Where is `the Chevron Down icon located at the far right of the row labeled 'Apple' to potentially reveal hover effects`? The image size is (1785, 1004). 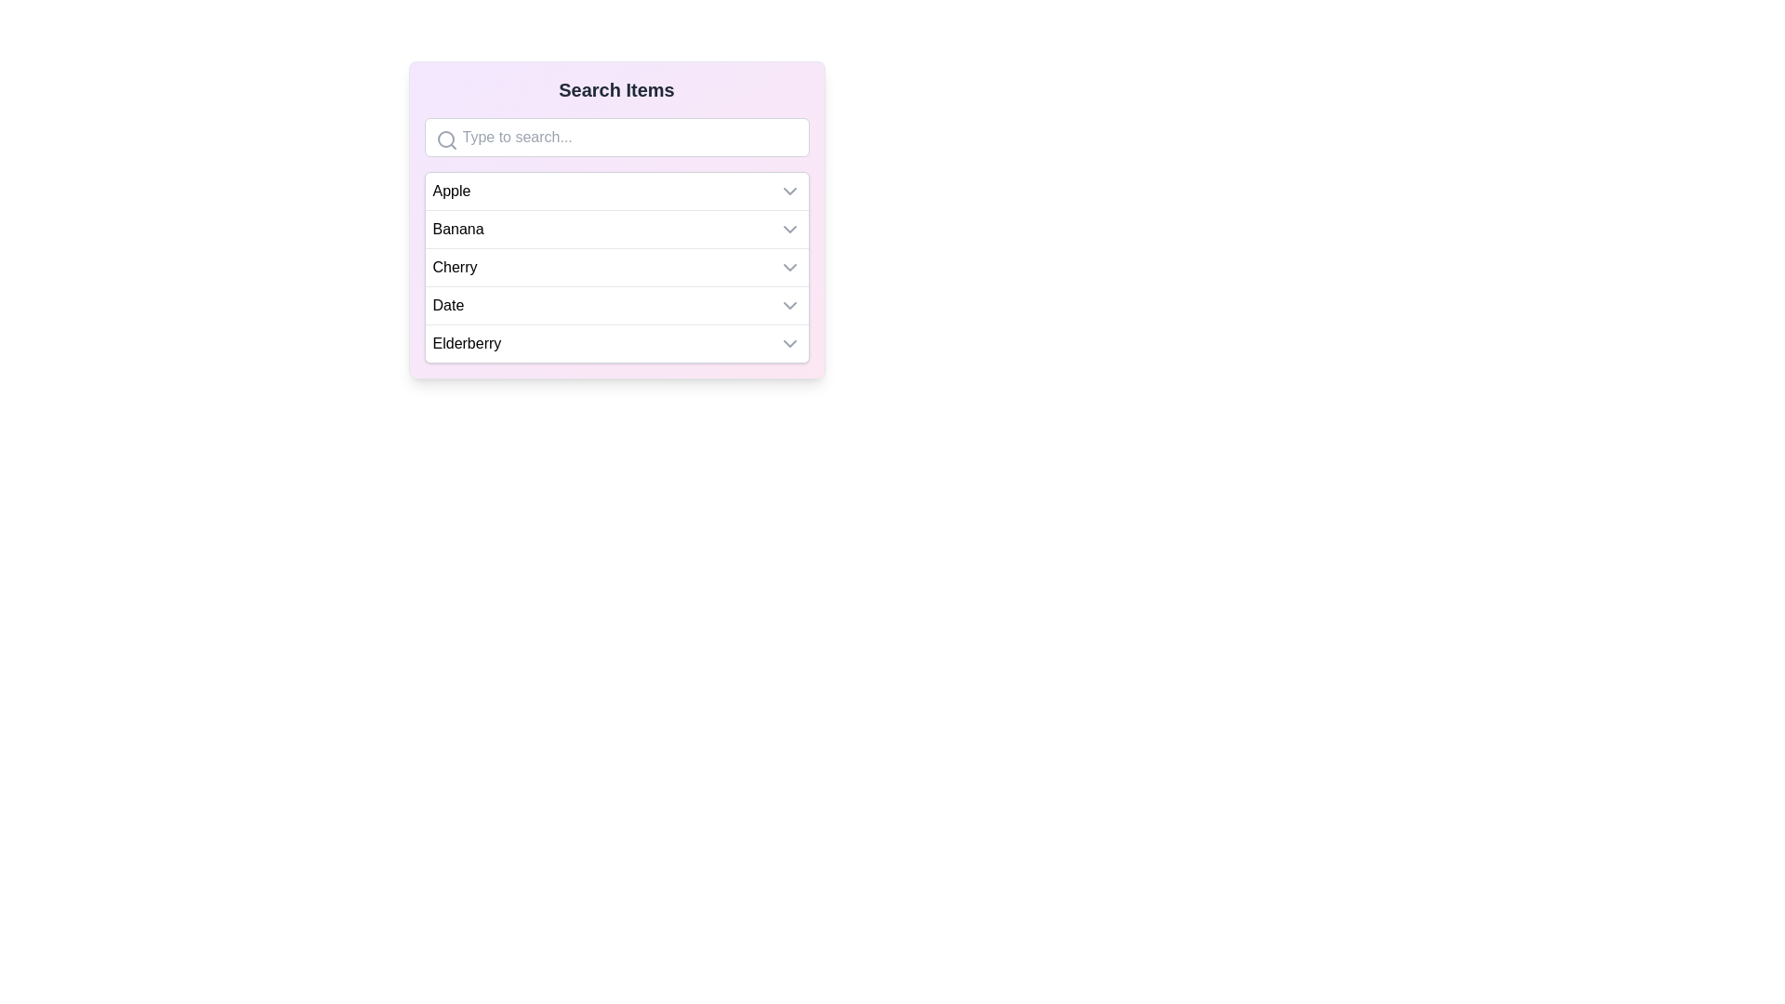
the Chevron Down icon located at the far right of the row labeled 'Apple' to potentially reveal hover effects is located at coordinates (789, 191).